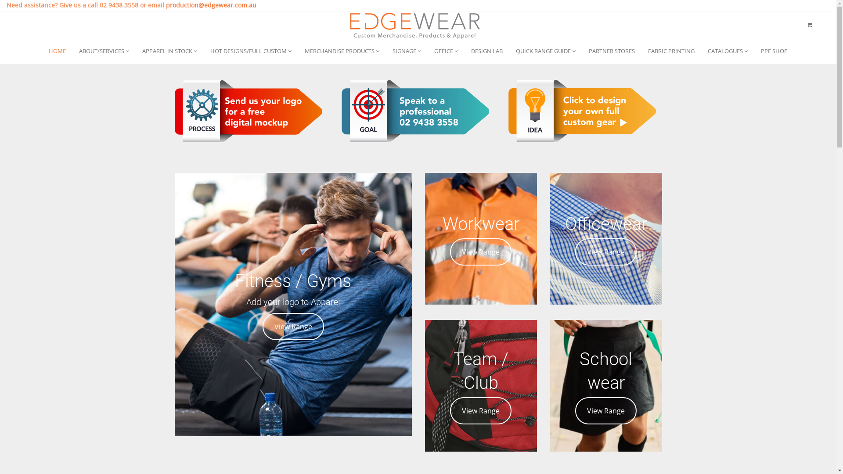 The height and width of the screenshot is (474, 843). I want to click on 'PARTNER STORES', so click(611, 50).